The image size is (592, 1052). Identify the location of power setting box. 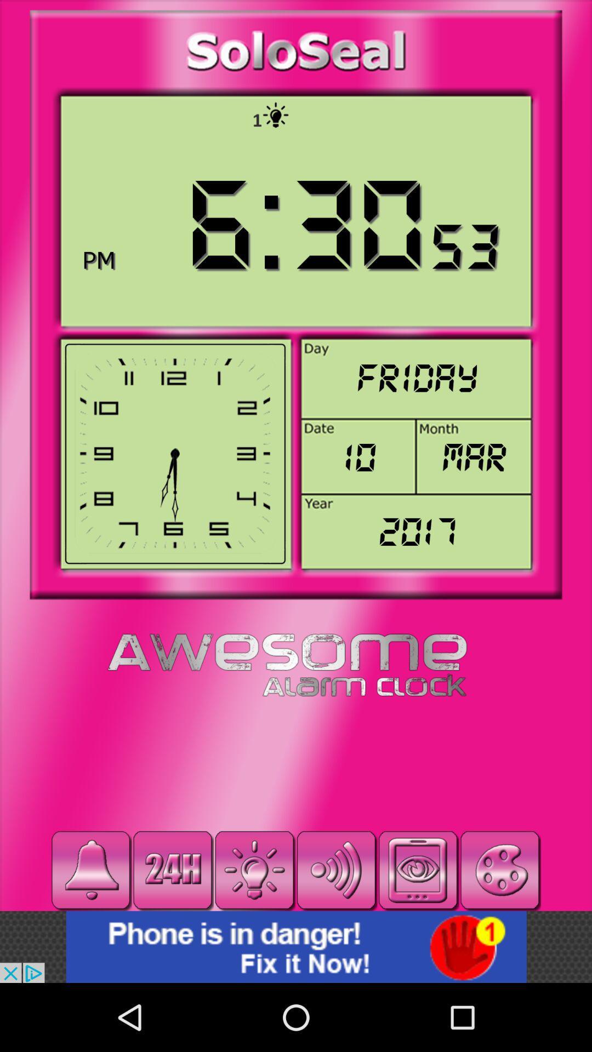
(254, 870).